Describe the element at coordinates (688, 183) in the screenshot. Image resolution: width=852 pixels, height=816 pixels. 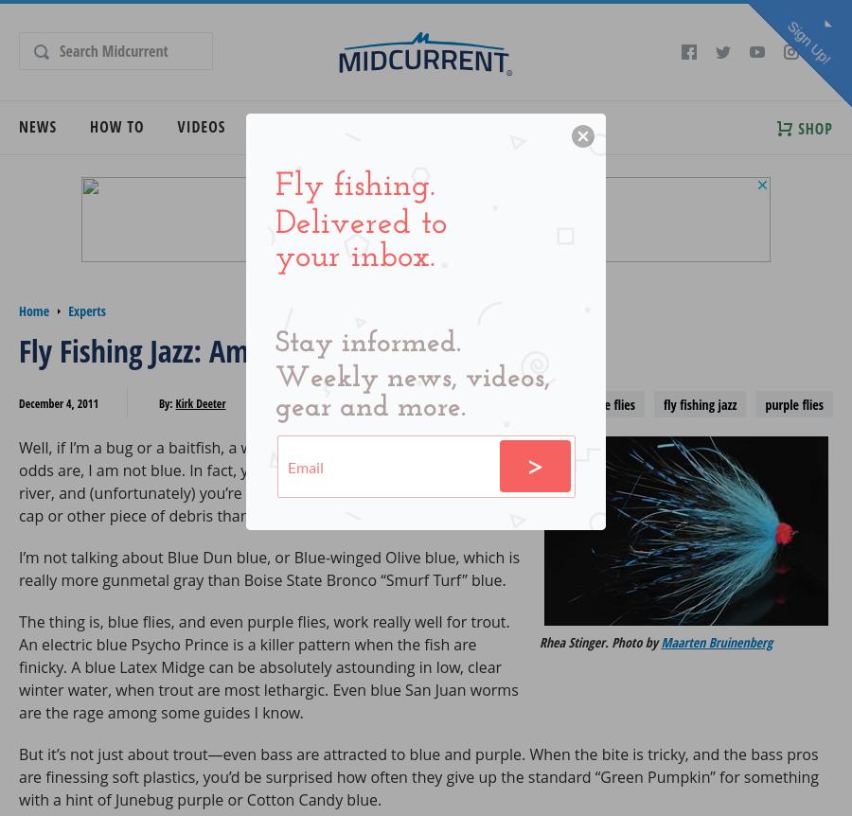
I see `'Conservation'` at that location.